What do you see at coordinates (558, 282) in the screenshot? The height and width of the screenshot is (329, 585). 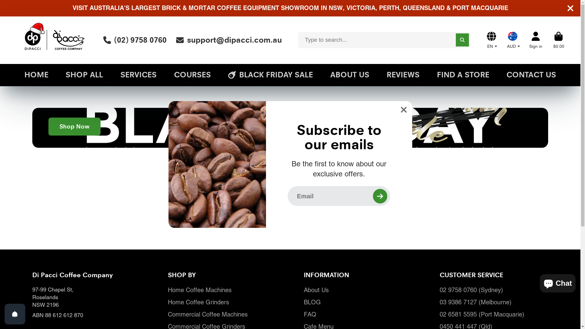 I see `'Shopify online store chat'` at bounding box center [558, 282].